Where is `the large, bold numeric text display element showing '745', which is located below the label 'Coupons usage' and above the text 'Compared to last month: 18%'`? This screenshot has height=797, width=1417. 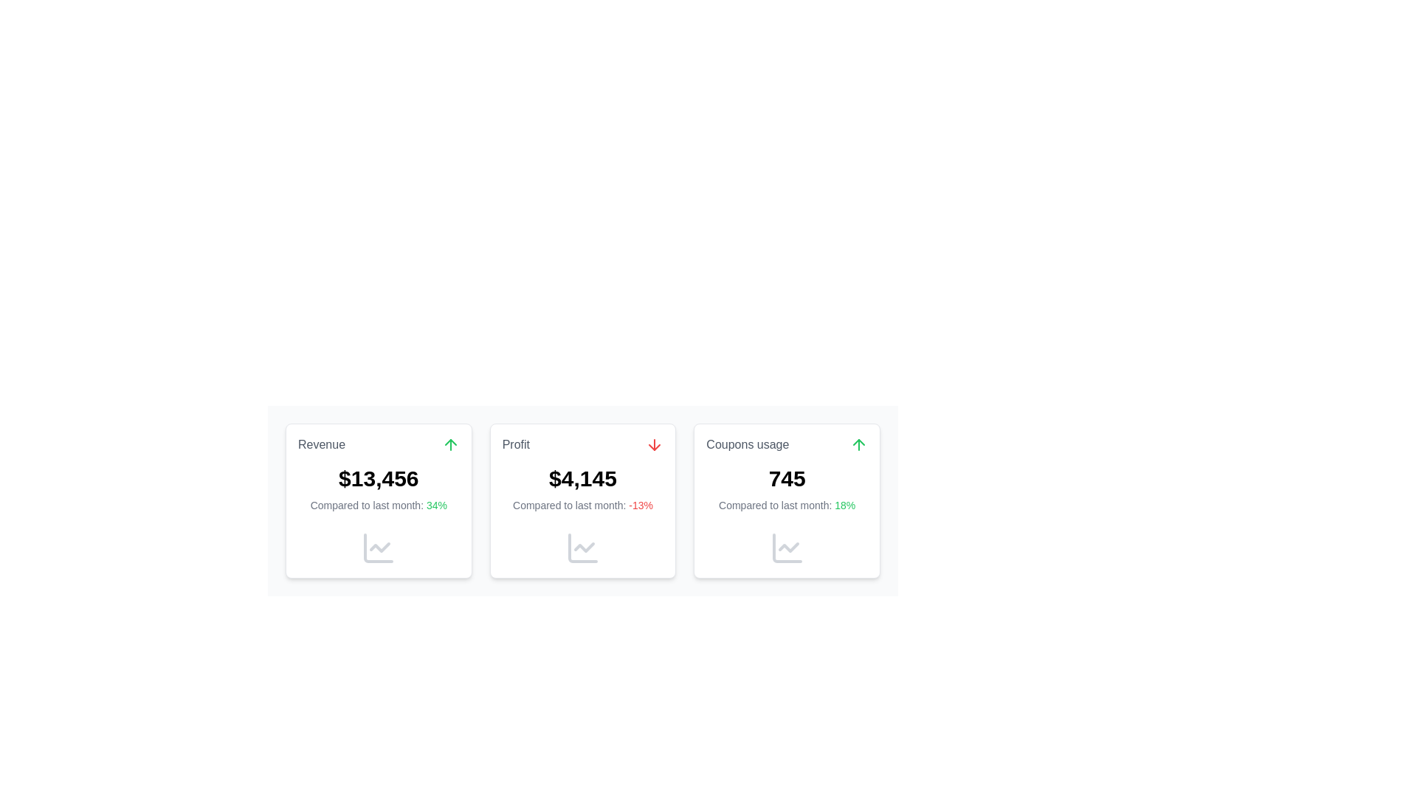 the large, bold numeric text display element showing '745', which is located below the label 'Coupons usage' and above the text 'Compared to last month: 18%' is located at coordinates (786, 478).